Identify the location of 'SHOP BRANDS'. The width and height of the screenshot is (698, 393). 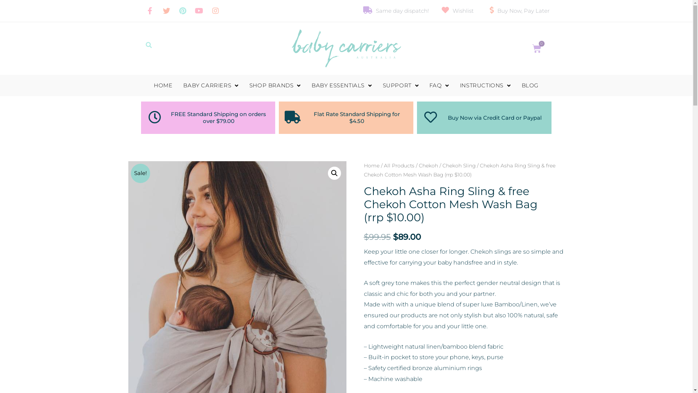
(274, 85).